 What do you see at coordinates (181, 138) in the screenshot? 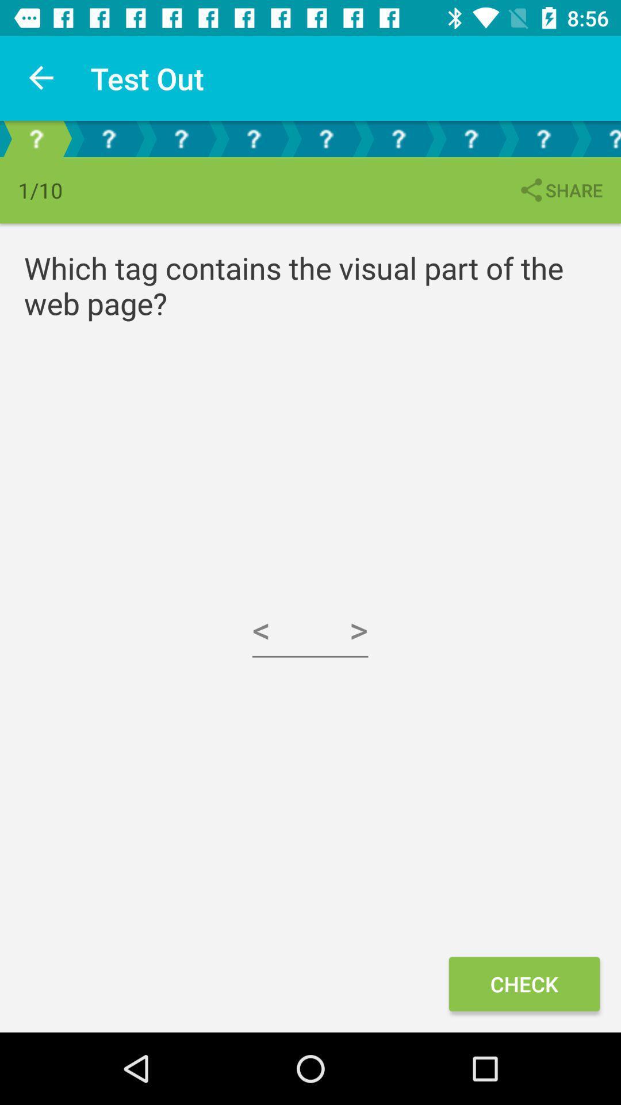
I see `web content` at bounding box center [181, 138].